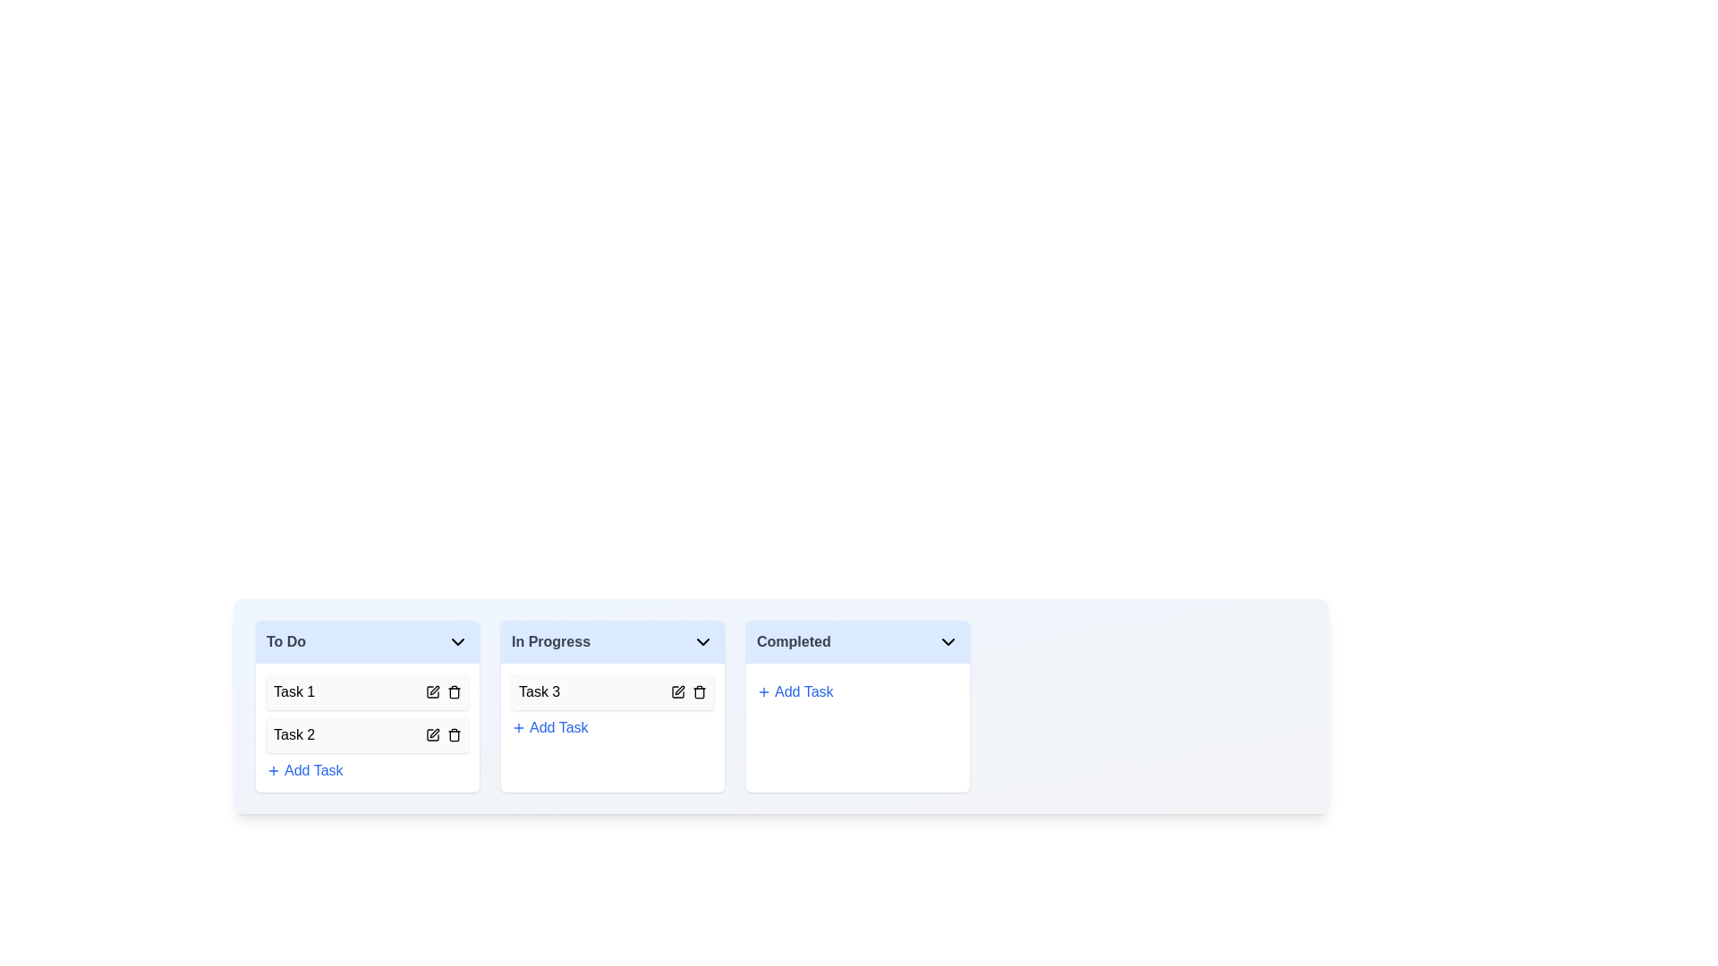  I want to click on the task identified by Task 3 from the board, so click(699, 691).